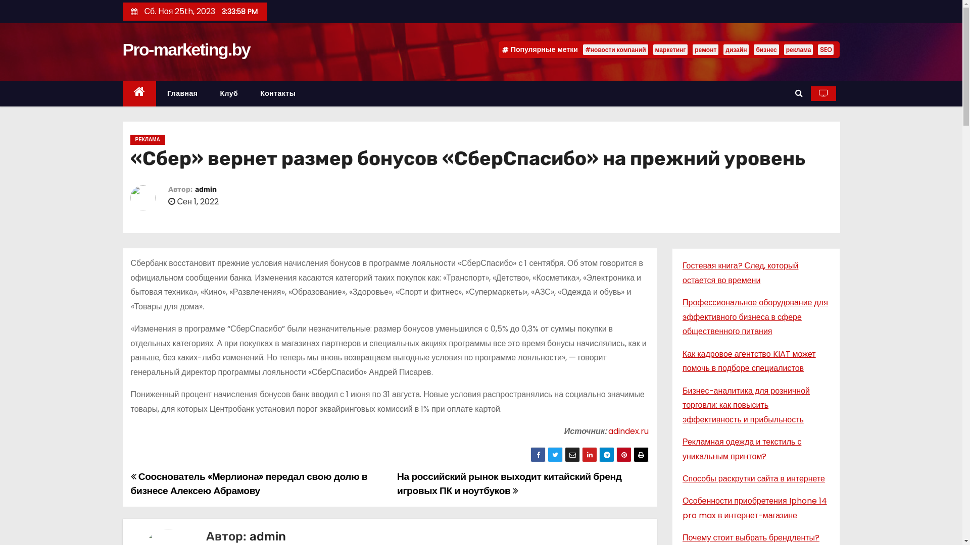  Describe the element at coordinates (627, 431) in the screenshot. I see `'adindex.ru'` at that location.